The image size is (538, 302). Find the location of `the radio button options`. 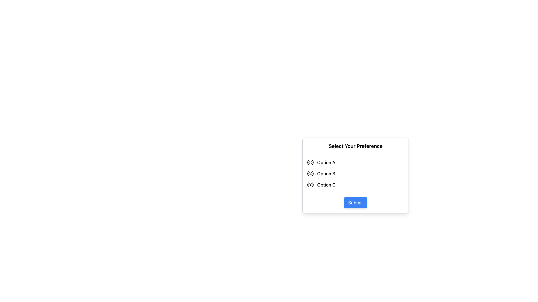

the radio button options is located at coordinates (355, 173).